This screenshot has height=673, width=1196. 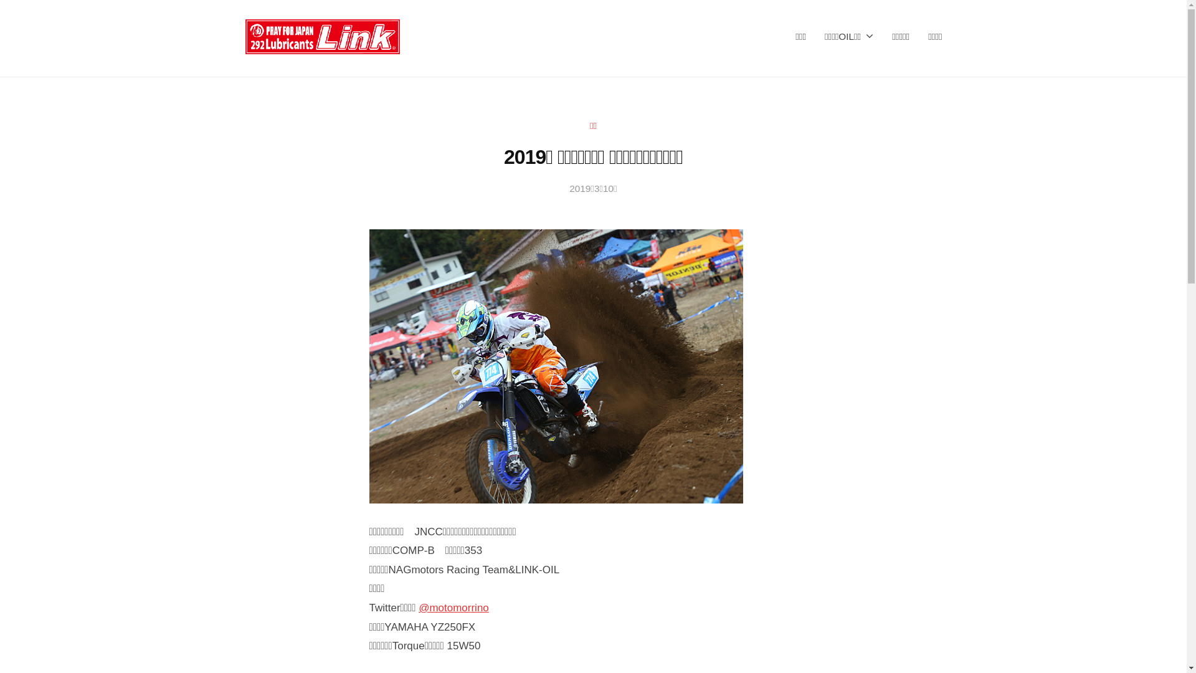 I want to click on '@motomorrino', so click(x=453, y=607).